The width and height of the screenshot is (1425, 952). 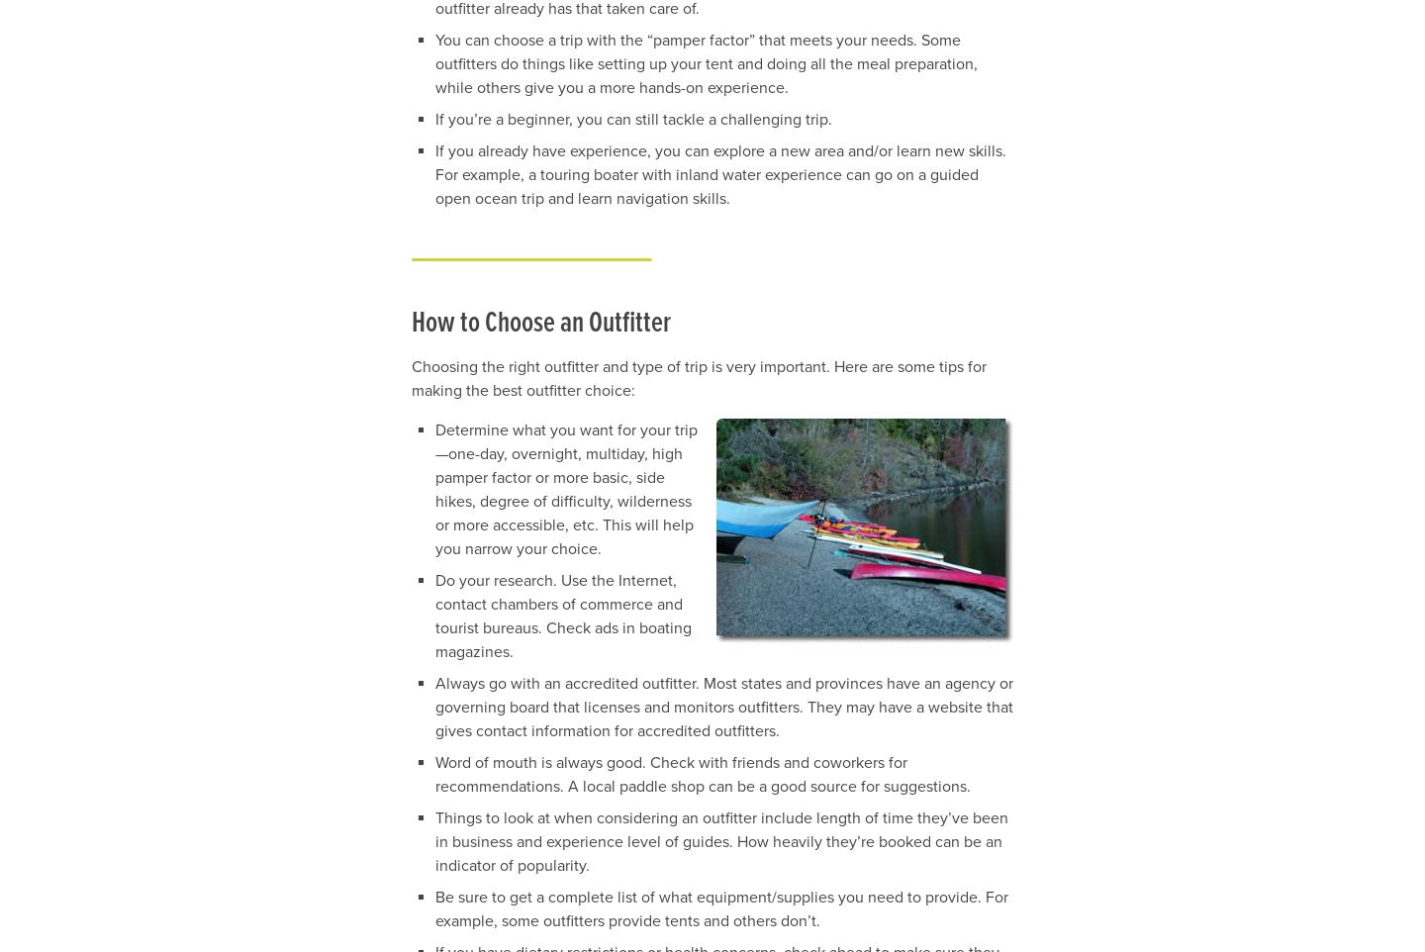 What do you see at coordinates (435, 705) in the screenshot?
I see `'Always go with an accredited outfitter. Most states and provinces have an agency or governing board that licenses and monitors outfitters. They may have a website that gives contact information for accredited outfitters.'` at bounding box center [435, 705].